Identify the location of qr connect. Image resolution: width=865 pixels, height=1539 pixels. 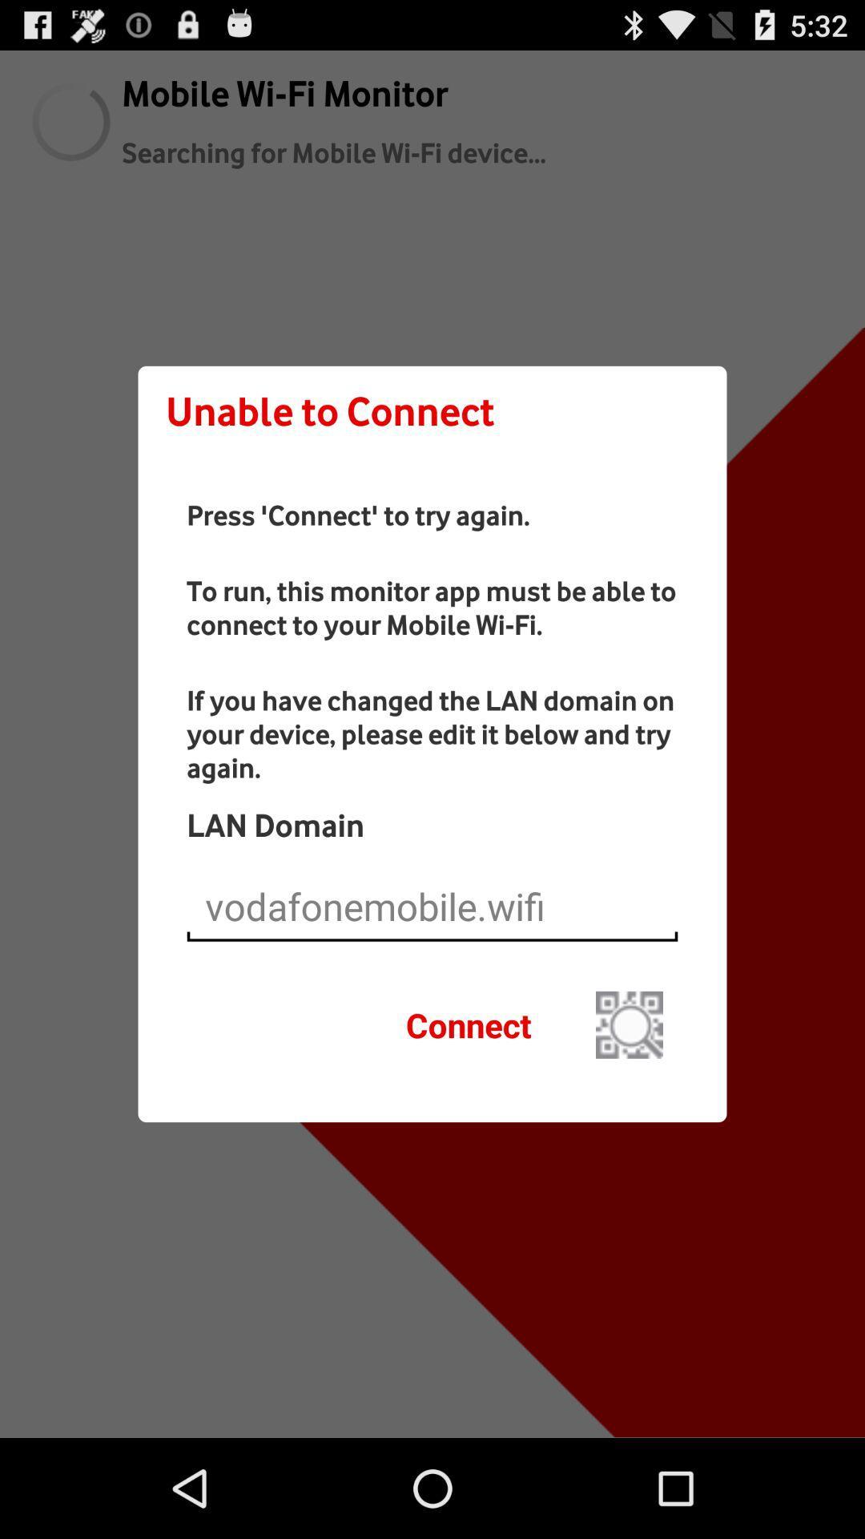
(629, 1024).